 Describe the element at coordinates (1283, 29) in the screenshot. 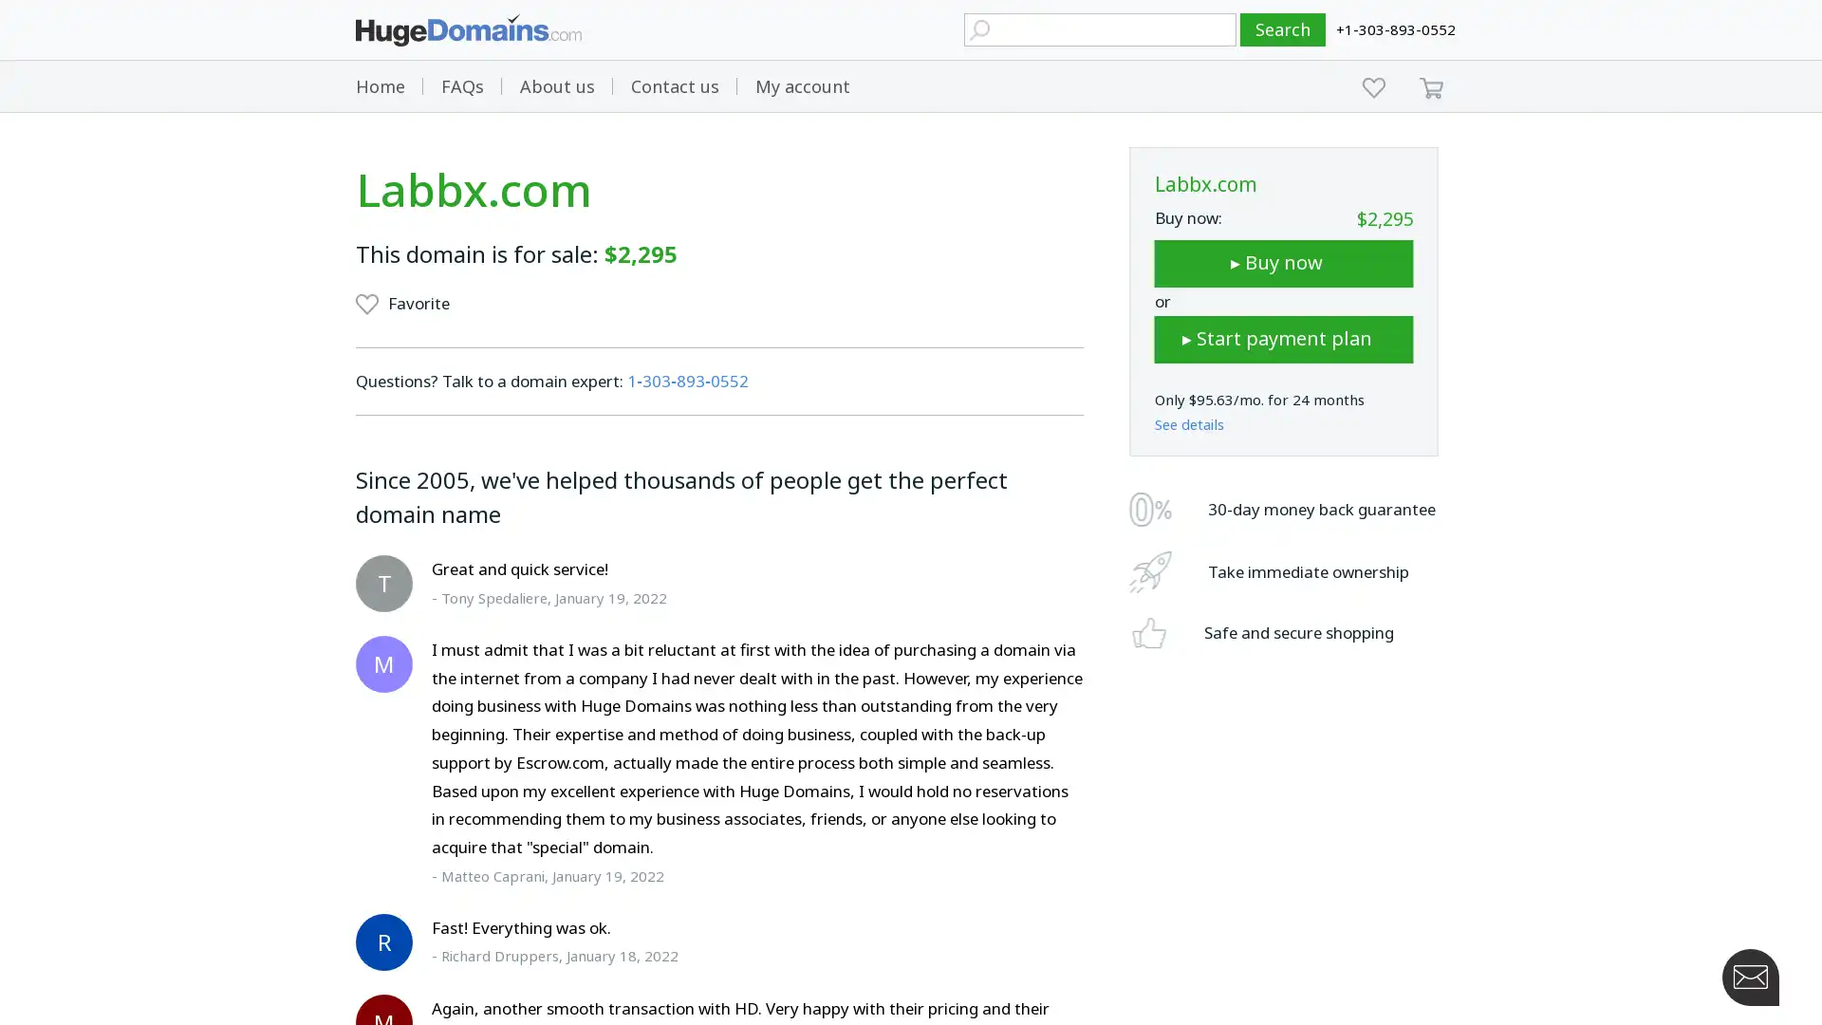

I see `Search` at that location.